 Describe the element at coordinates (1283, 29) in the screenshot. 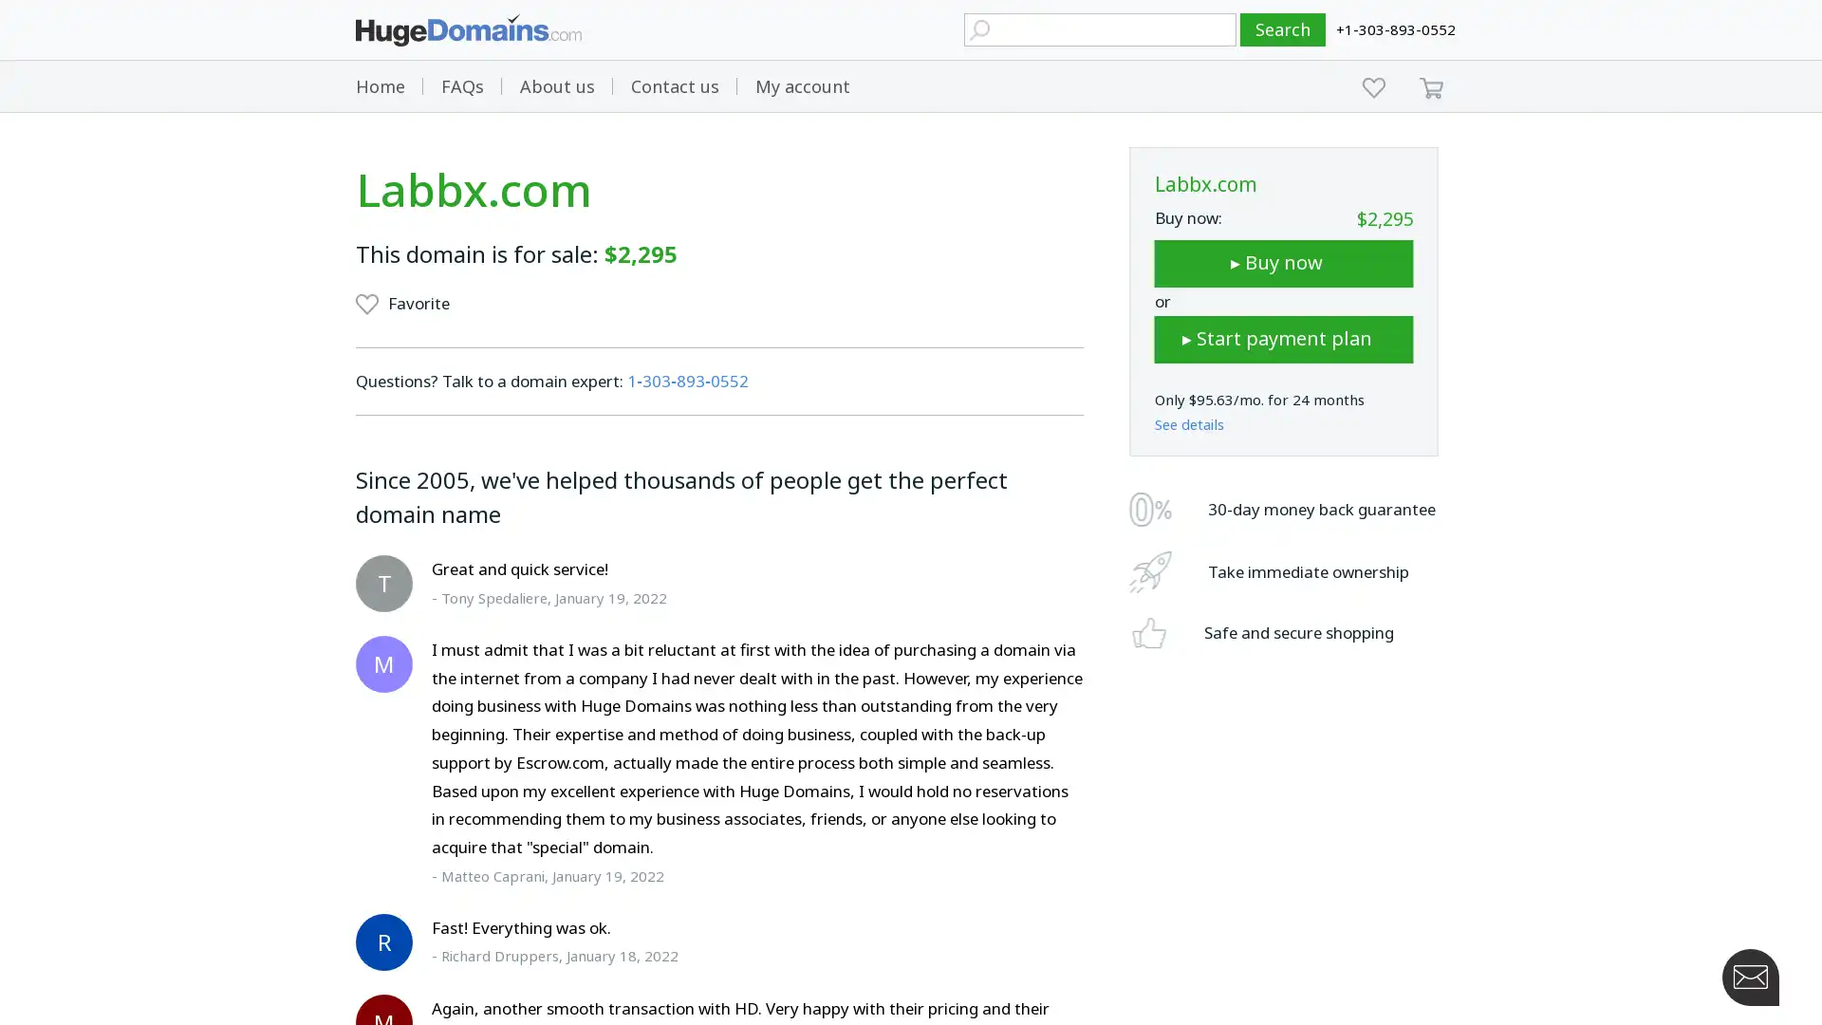

I see `Search` at that location.